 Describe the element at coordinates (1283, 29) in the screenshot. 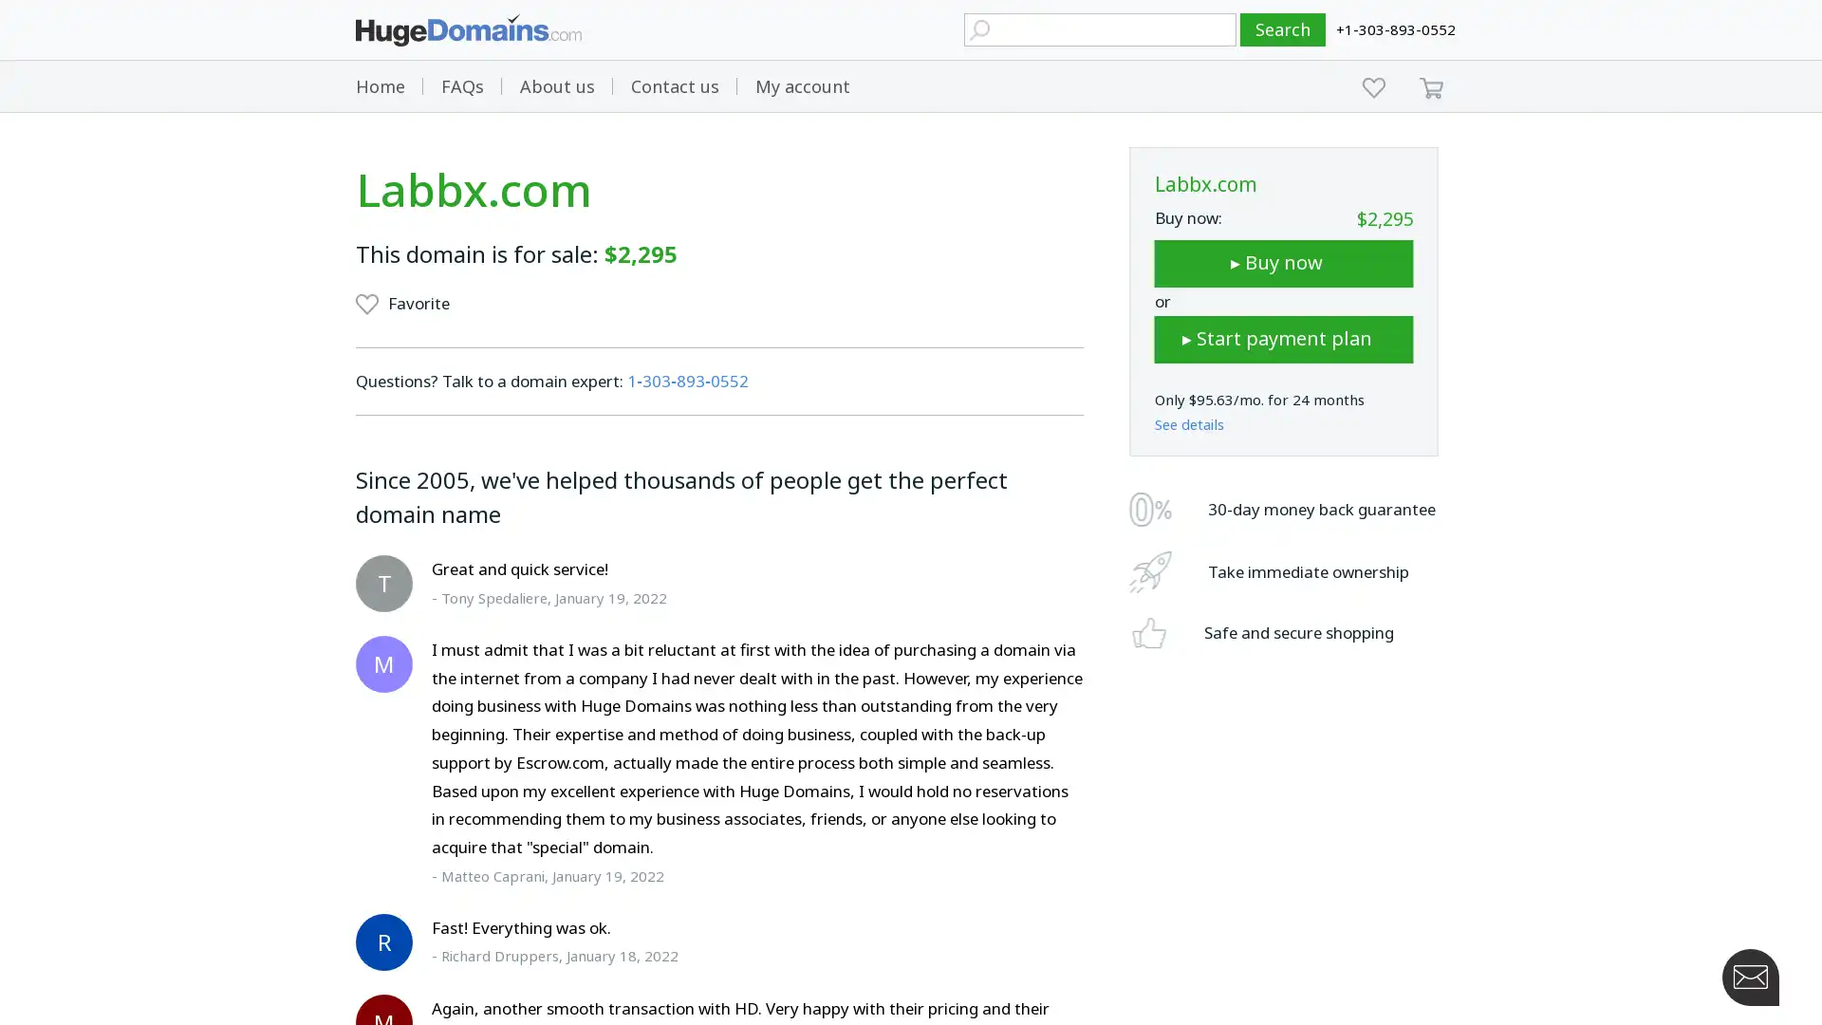

I see `Search` at that location.